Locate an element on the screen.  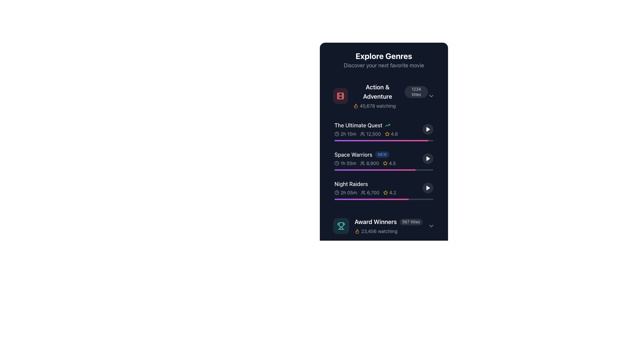
the text element that displays the number of viewers currently engaged with the 'Action & Adventure' content, positioned below the title and aligned to the left is located at coordinates (374, 105).